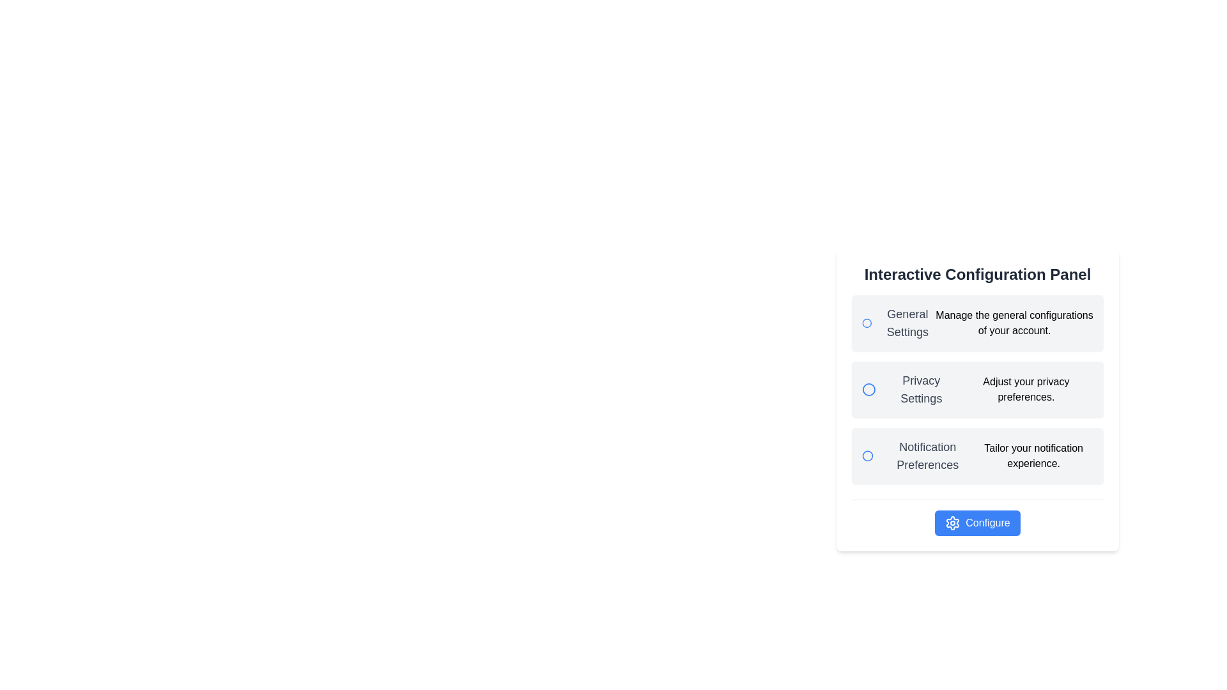 The width and height of the screenshot is (1227, 690). I want to click on the descriptive text providing additional information about the 'General Settings' option in the settings menu, located below the 'General Settings' text, so click(1014, 322).